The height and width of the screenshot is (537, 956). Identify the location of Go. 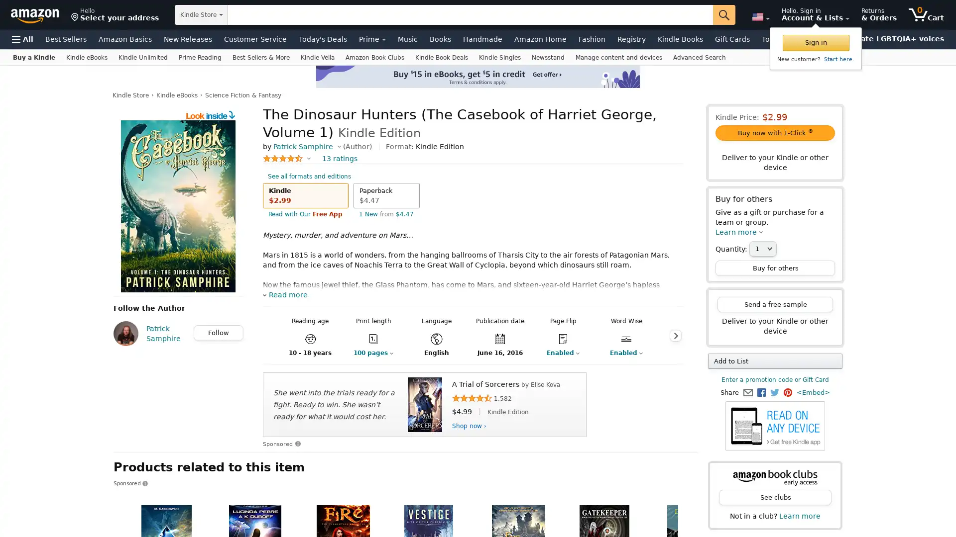
(724, 15).